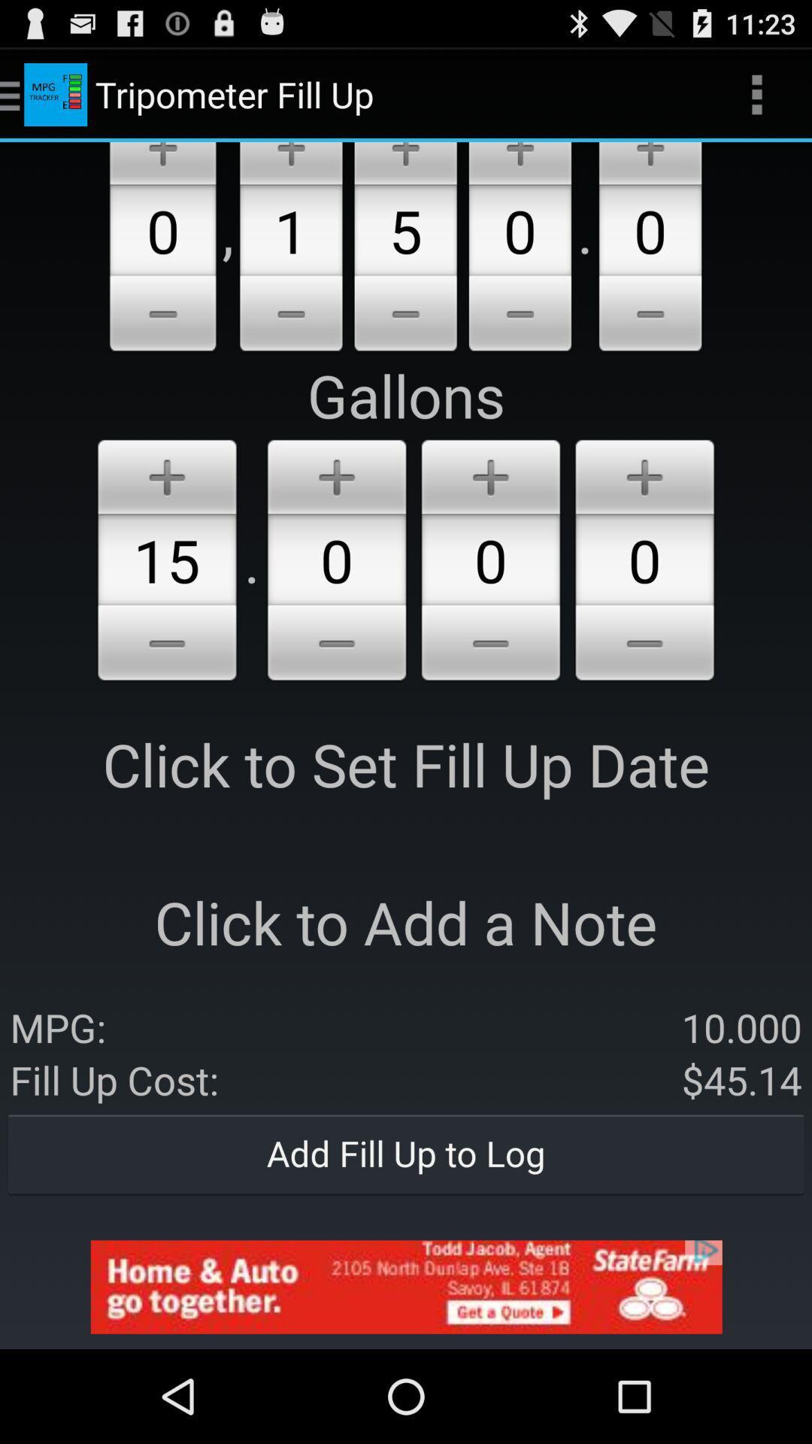  Describe the element at coordinates (404, 163) in the screenshot. I see `increase millage` at that location.